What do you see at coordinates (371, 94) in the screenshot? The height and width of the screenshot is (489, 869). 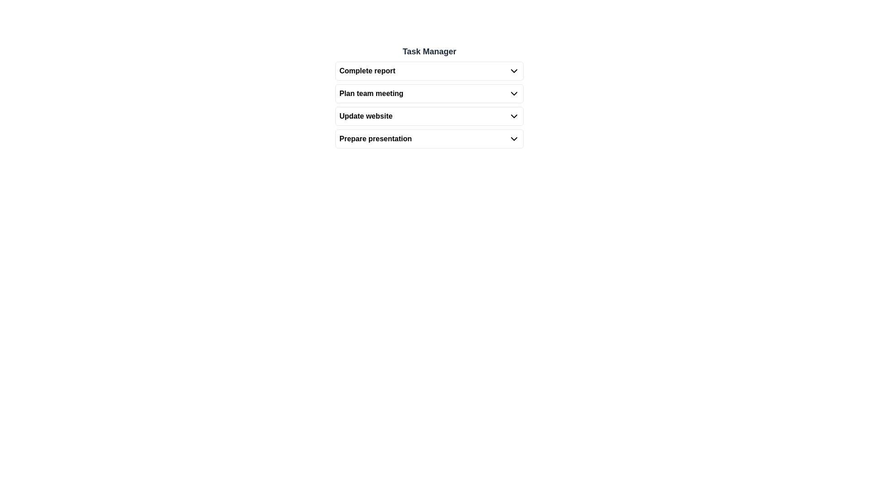 I see `the static text element labeled 'Plan team meeting', which is the second item in the task list of the 'Task Manager'` at bounding box center [371, 94].